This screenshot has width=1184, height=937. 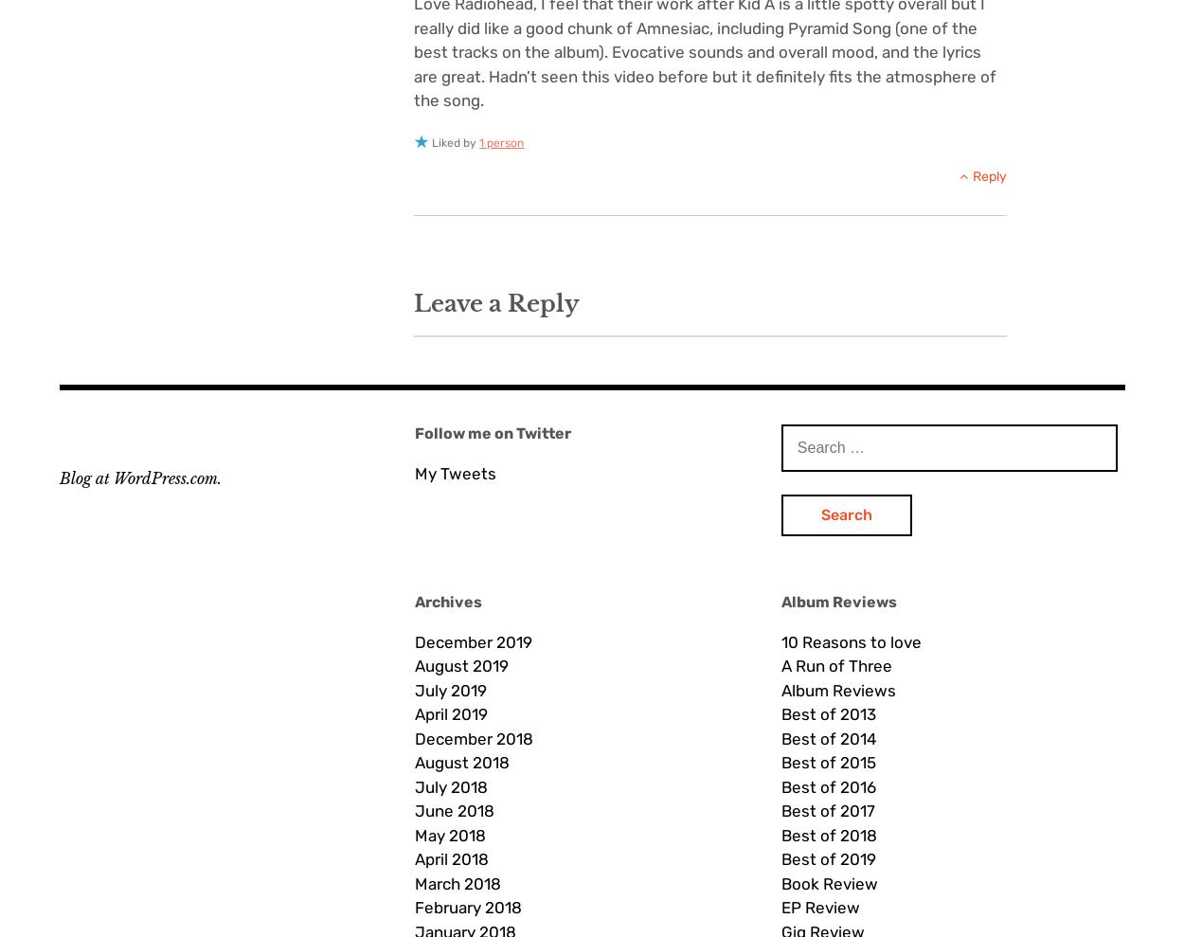 What do you see at coordinates (454, 473) in the screenshot?
I see `'My Tweets'` at bounding box center [454, 473].